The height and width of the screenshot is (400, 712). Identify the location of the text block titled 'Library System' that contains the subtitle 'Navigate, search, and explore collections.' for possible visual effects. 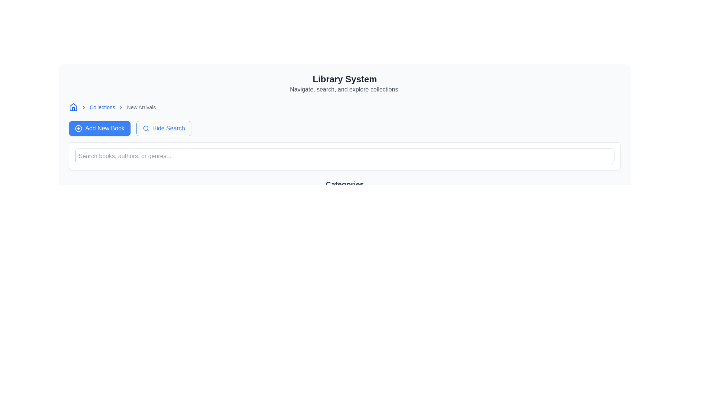
(345, 83).